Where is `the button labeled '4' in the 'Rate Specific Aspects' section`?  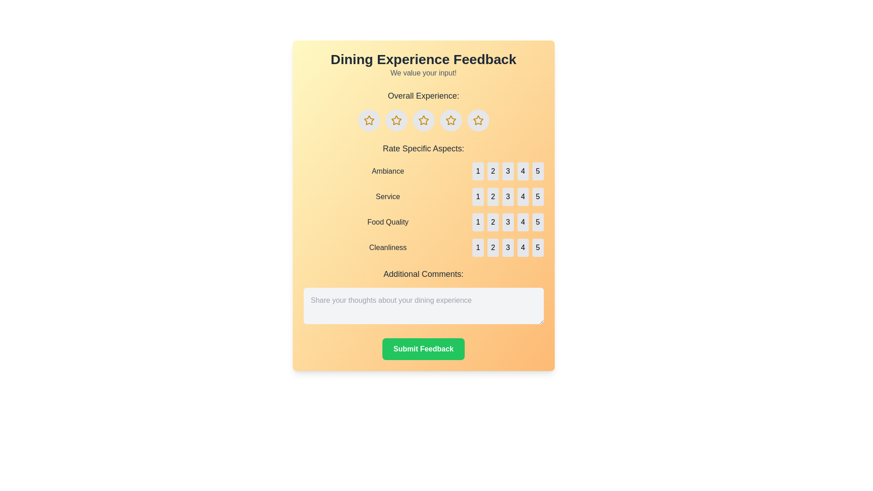
the button labeled '4' in the 'Rate Specific Aspects' section is located at coordinates (523, 196).